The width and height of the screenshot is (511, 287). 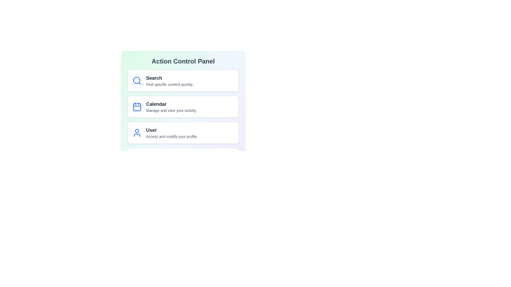 I want to click on the blue calendar icon located in the second box of the 'Action Control Panel', positioned to the left of the text 'Calendar', so click(x=137, y=107).